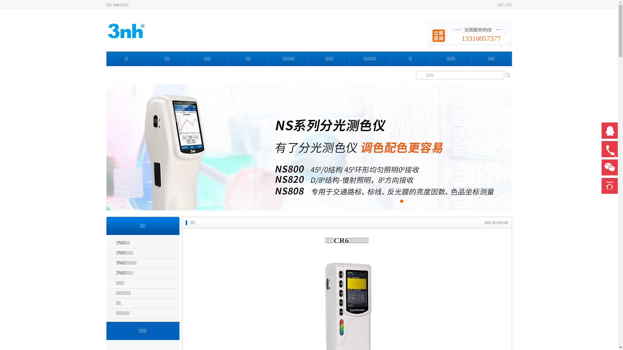 The height and width of the screenshot is (350, 623). What do you see at coordinates (401, 201) in the screenshot?
I see `'2'` at bounding box center [401, 201].